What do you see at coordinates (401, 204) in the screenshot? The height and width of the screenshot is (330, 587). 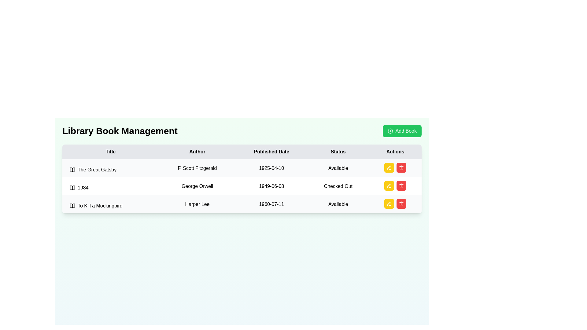 I see `the delete button located in the rightmost position of the Actions column in the third row of the Library Book Management table` at bounding box center [401, 204].